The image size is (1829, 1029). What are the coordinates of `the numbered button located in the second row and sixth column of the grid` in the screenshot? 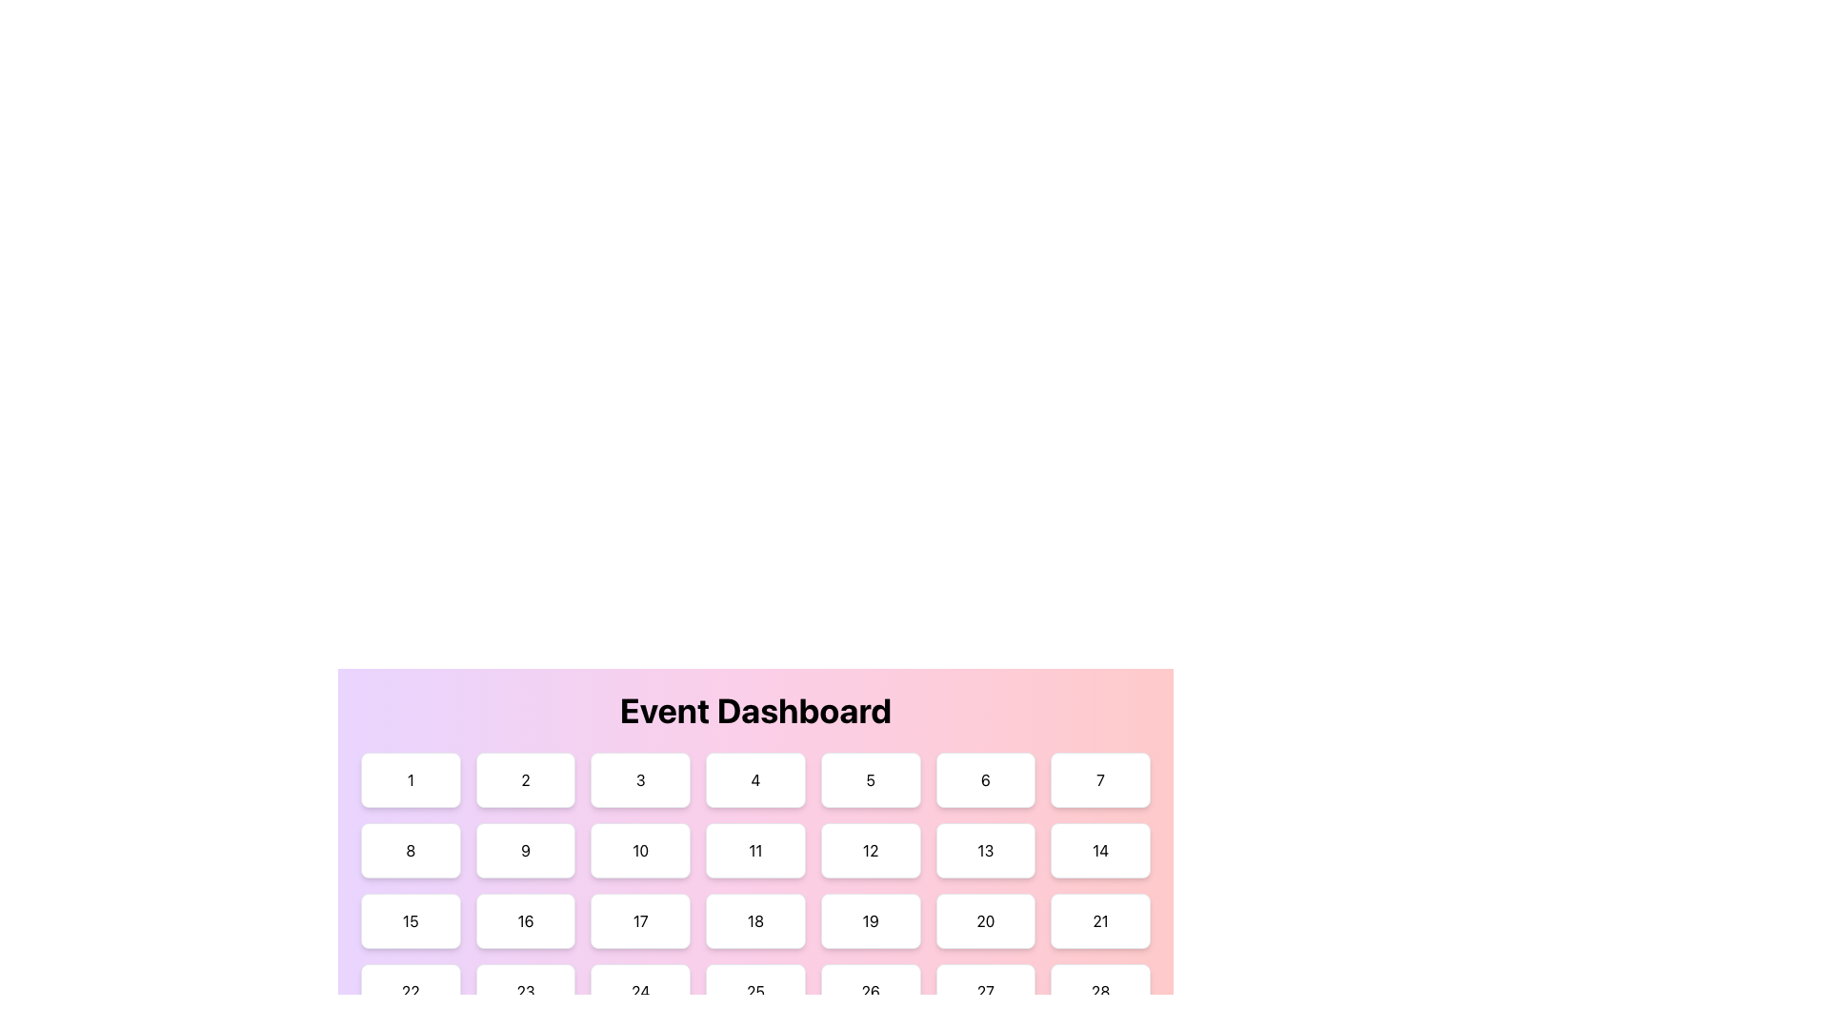 It's located at (984, 850).